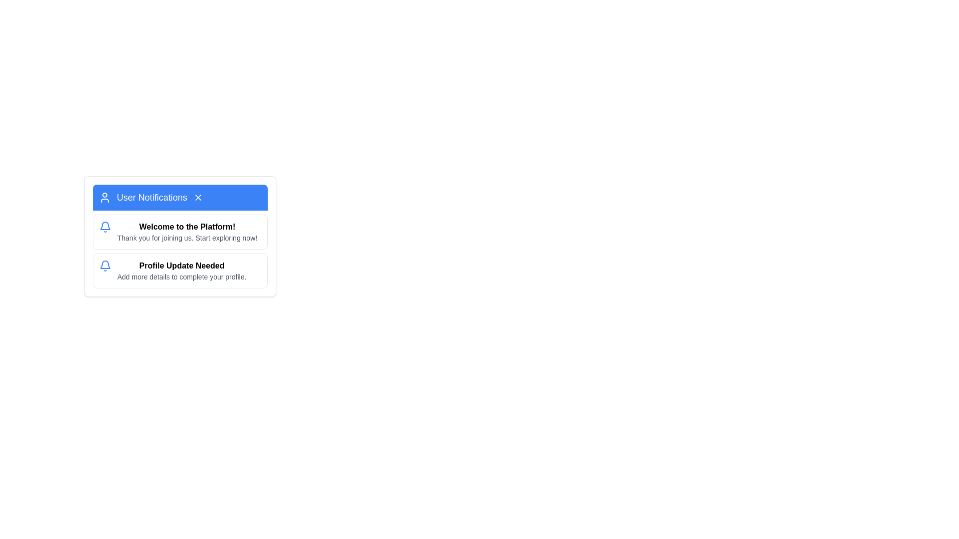  Describe the element at coordinates (187, 238) in the screenshot. I see `the static text element that says 'Thank you for joining us. Start exploring now!' located within the 'User Notifications' card, directly beneath the header 'Welcome to the Platform!'` at that location.